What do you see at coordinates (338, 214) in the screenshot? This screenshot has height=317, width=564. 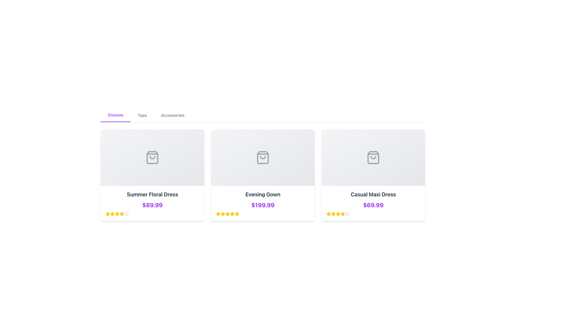 I see `the third star icon in the rating component located under the 'Casual Maxi Dress' card, which is represented by a yellow star shape` at bounding box center [338, 214].